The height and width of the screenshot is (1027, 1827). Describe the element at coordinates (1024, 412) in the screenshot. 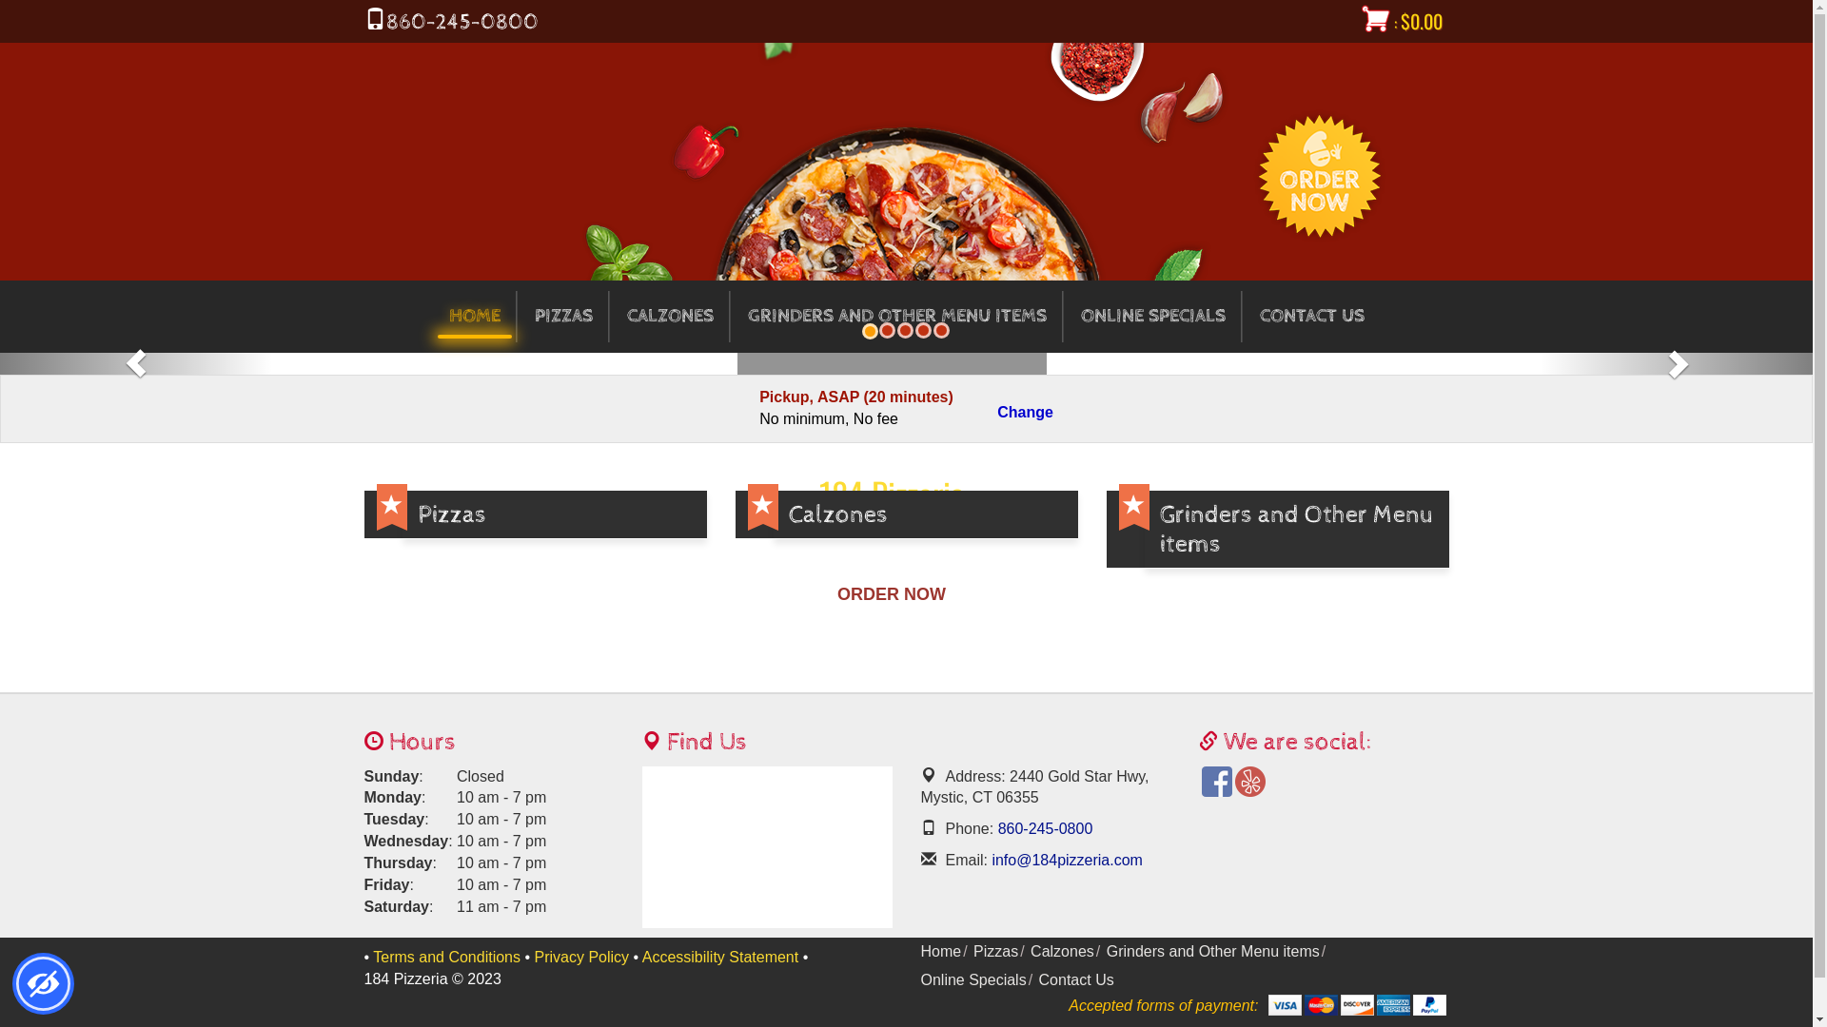

I see `'Change` at that location.